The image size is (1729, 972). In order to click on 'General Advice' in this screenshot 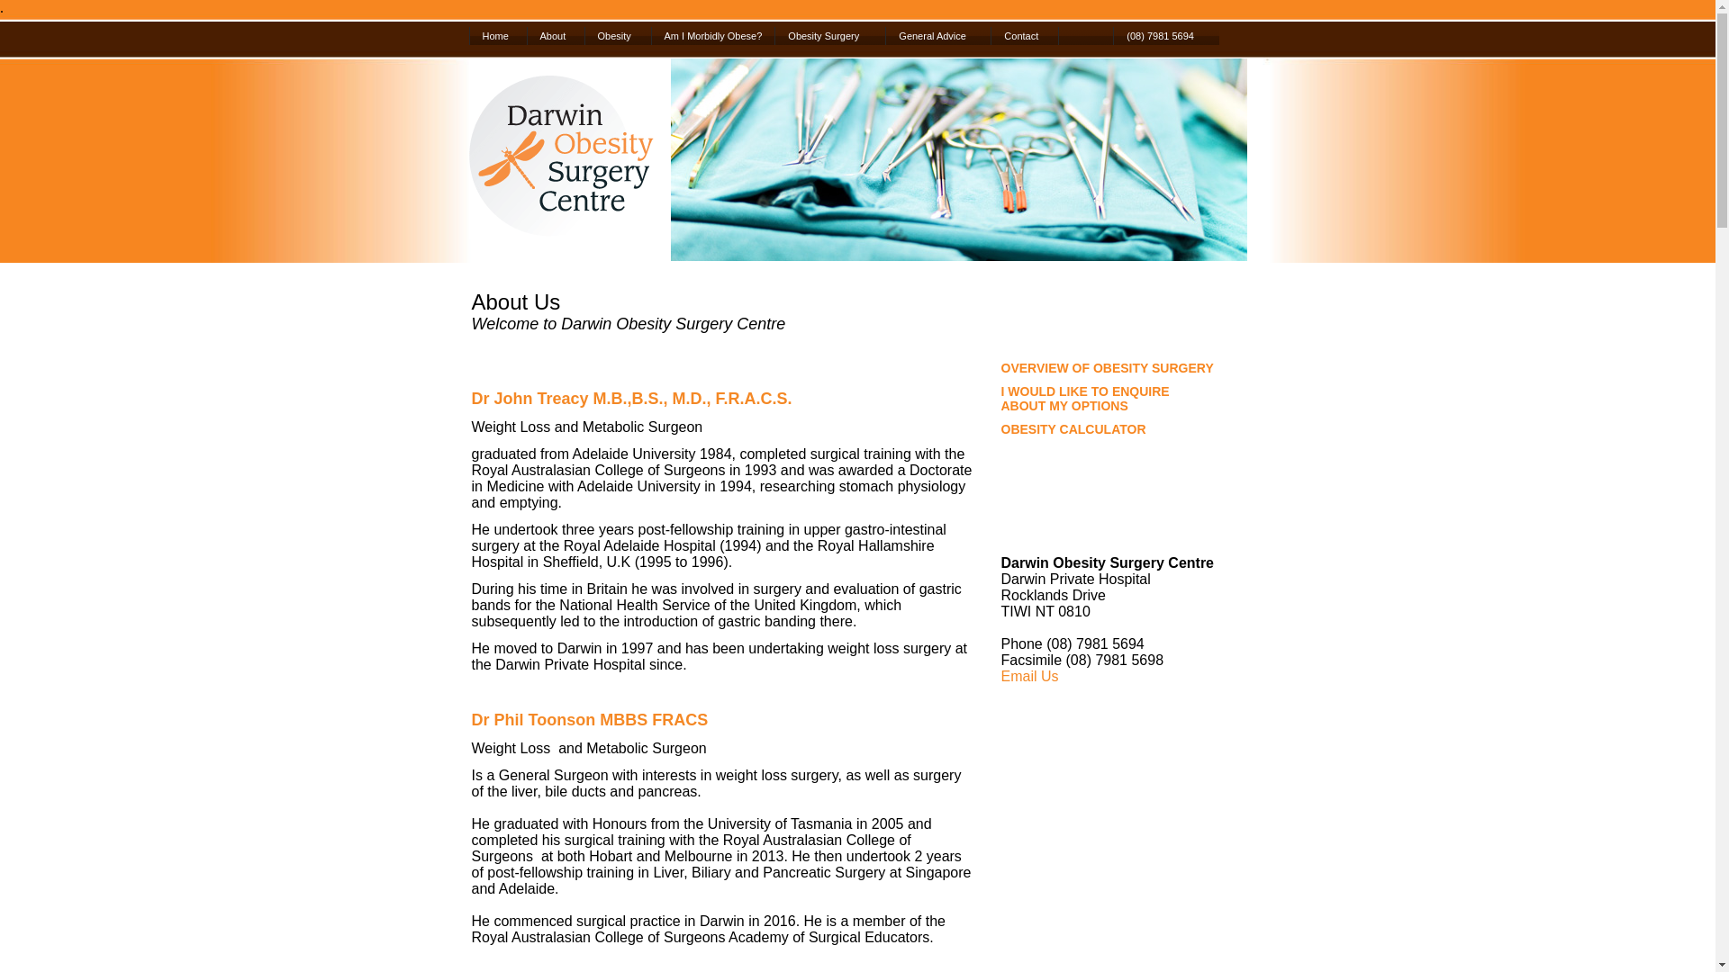, I will do `click(937, 35)`.